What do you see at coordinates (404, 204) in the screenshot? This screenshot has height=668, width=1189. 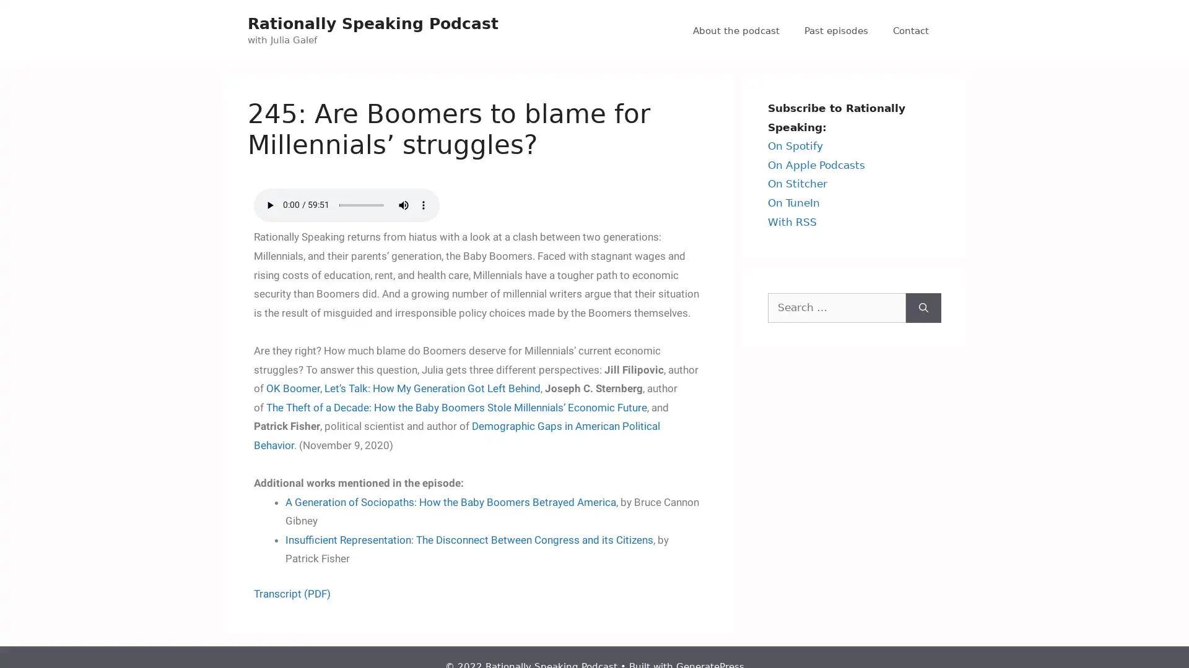 I see `mute` at bounding box center [404, 204].